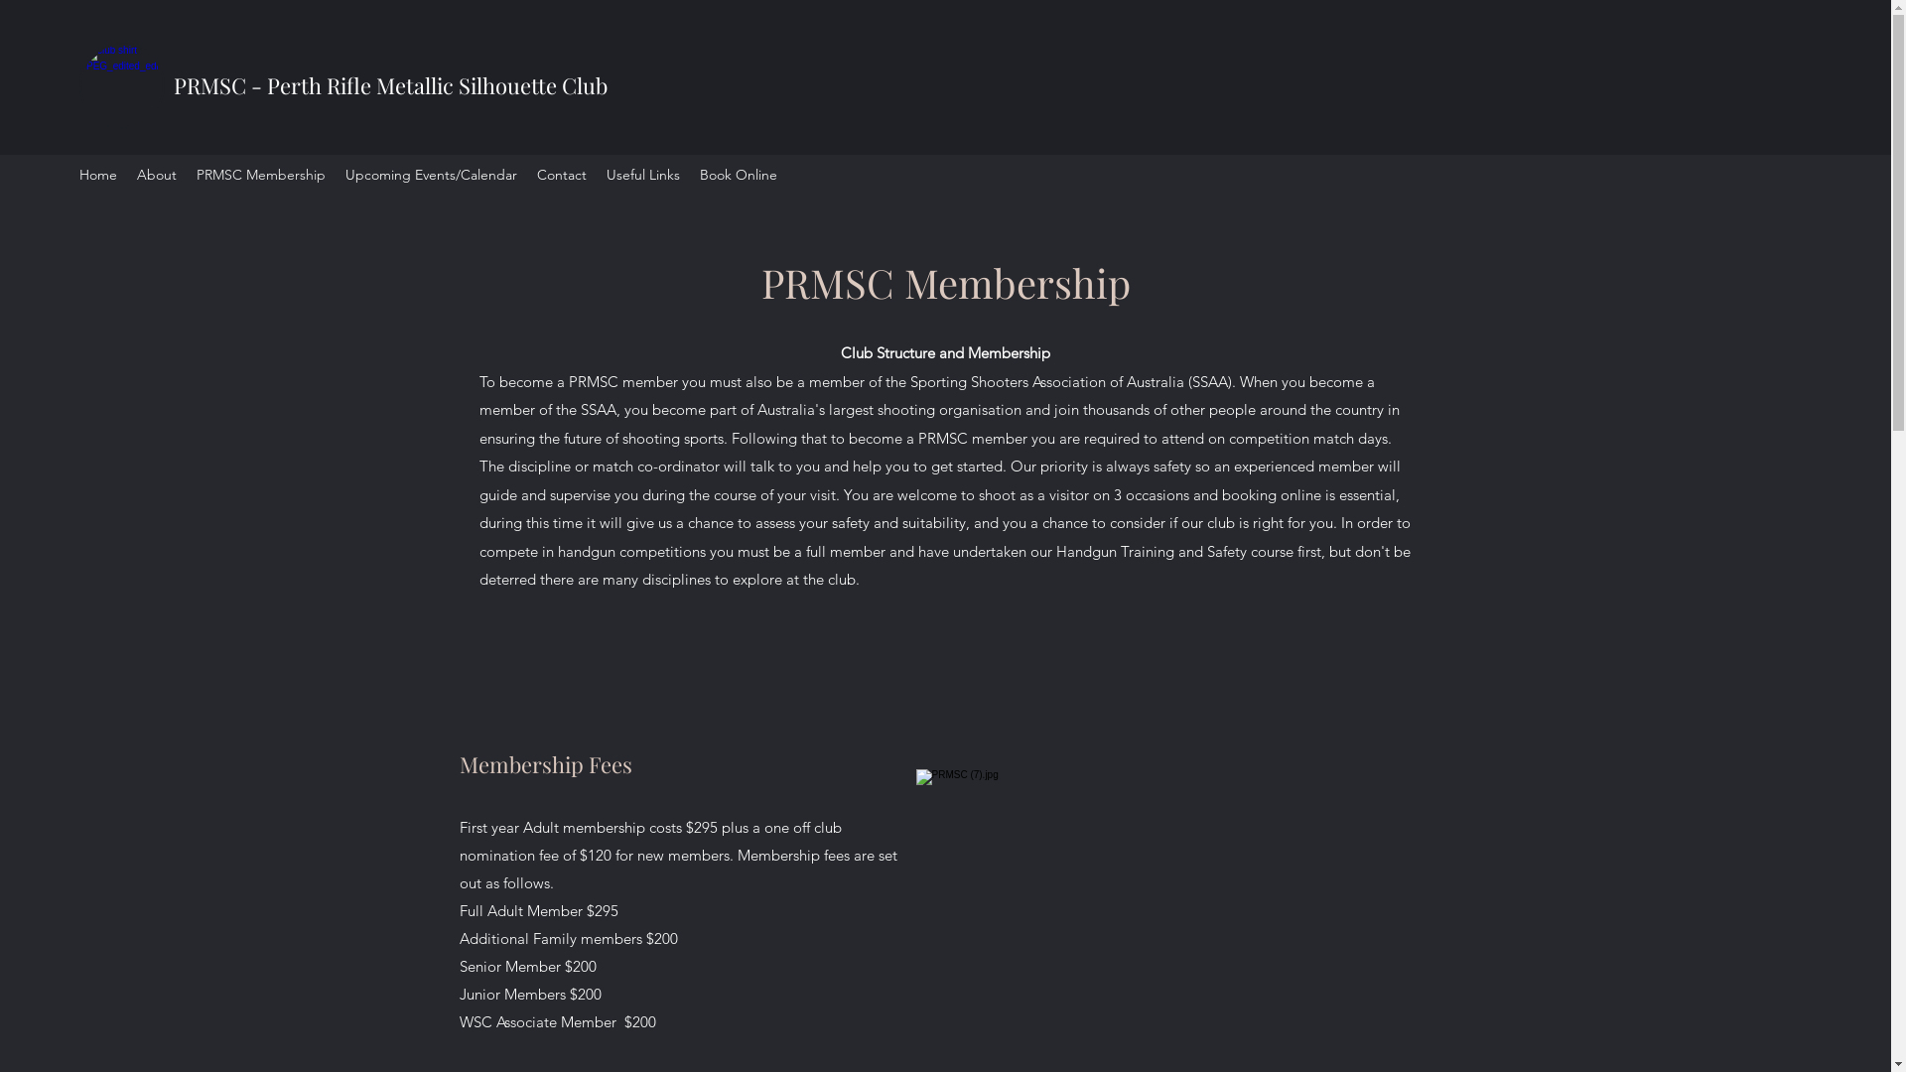 This screenshot has height=1072, width=1906. Describe the element at coordinates (97, 174) in the screenshot. I see `'Home'` at that location.